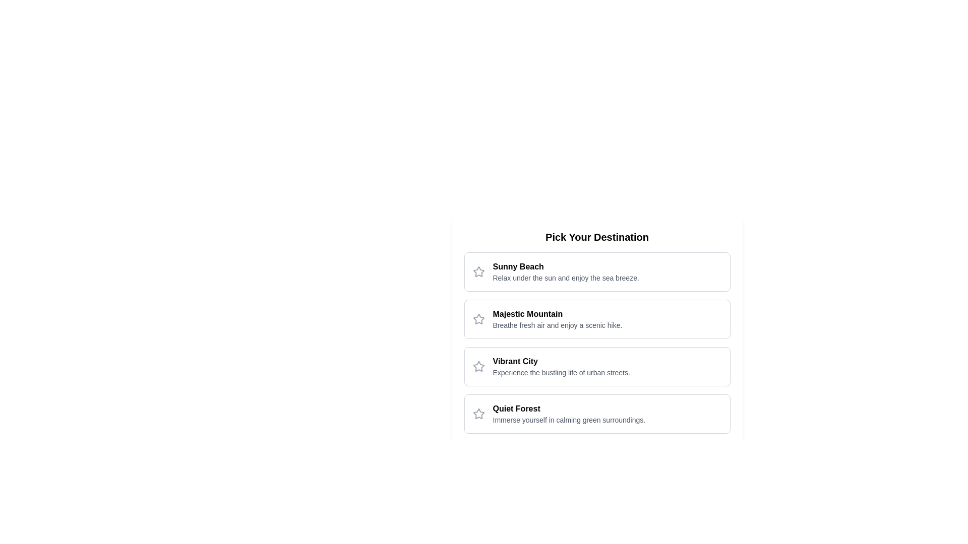 Image resolution: width=968 pixels, height=544 pixels. What do you see at coordinates (561, 367) in the screenshot?
I see `the Text Block containing the bold text 'Vibrant City' and the smaller text 'Experience the bustling life of urban streets', which is located in the third card of the vertical list of destinations` at bounding box center [561, 367].